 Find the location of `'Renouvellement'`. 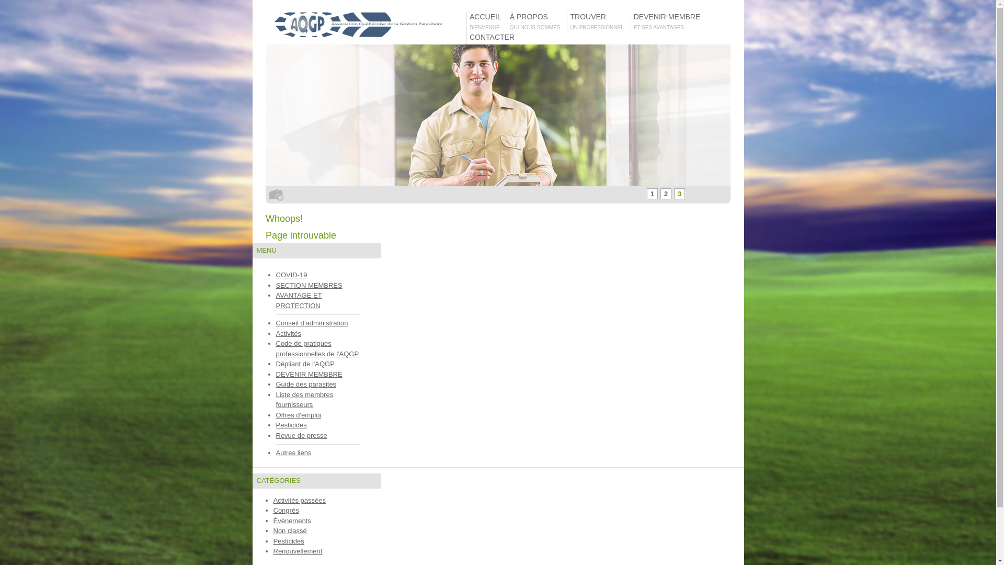

'Renouvellement' is located at coordinates (297, 550).